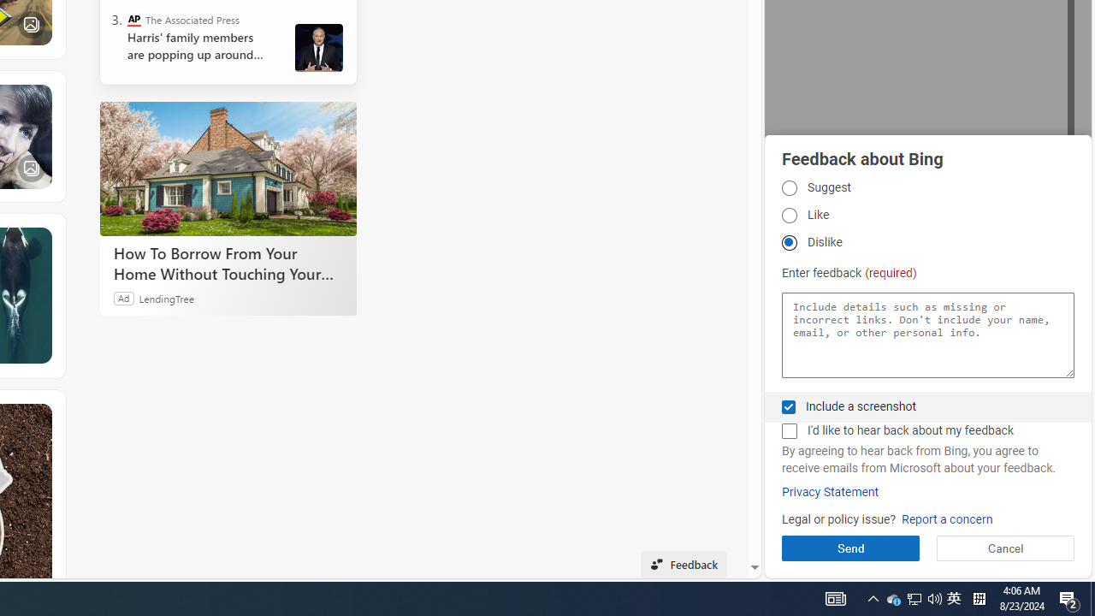 This screenshot has height=616, width=1095. Describe the element at coordinates (788, 187) in the screenshot. I see `'AutomationID: fbpgdgtp1'` at that location.